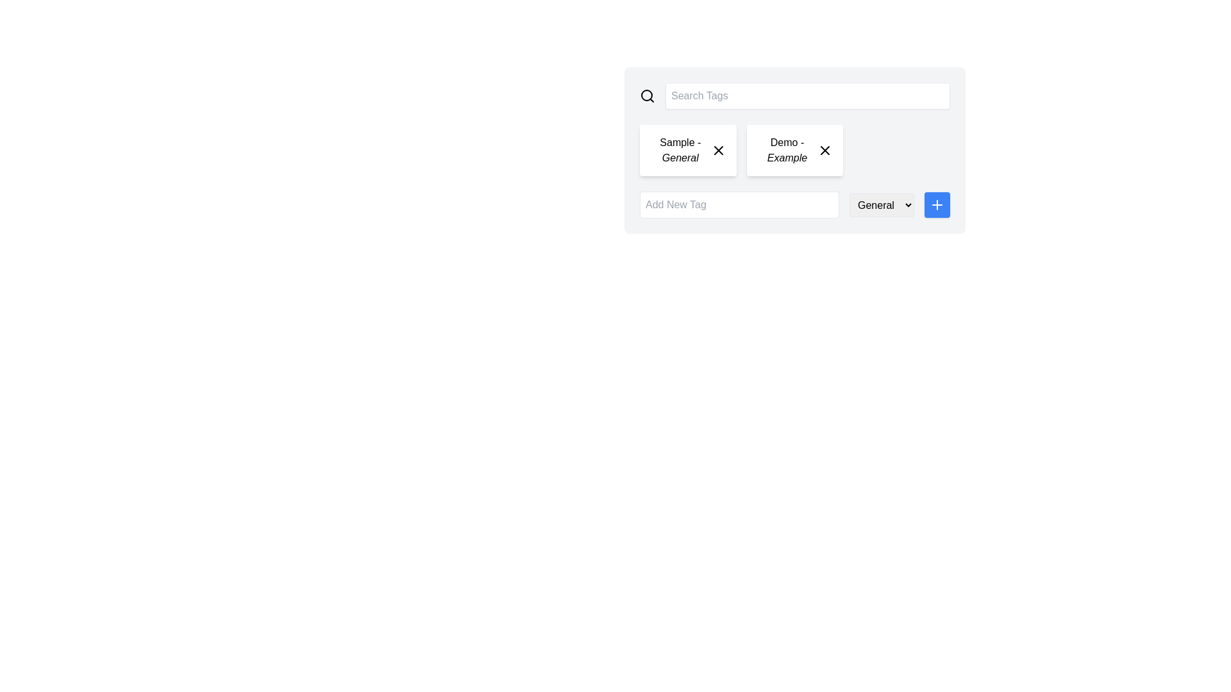  Describe the element at coordinates (937, 204) in the screenshot. I see `the square blue button with a '+' icon at its center` at that location.